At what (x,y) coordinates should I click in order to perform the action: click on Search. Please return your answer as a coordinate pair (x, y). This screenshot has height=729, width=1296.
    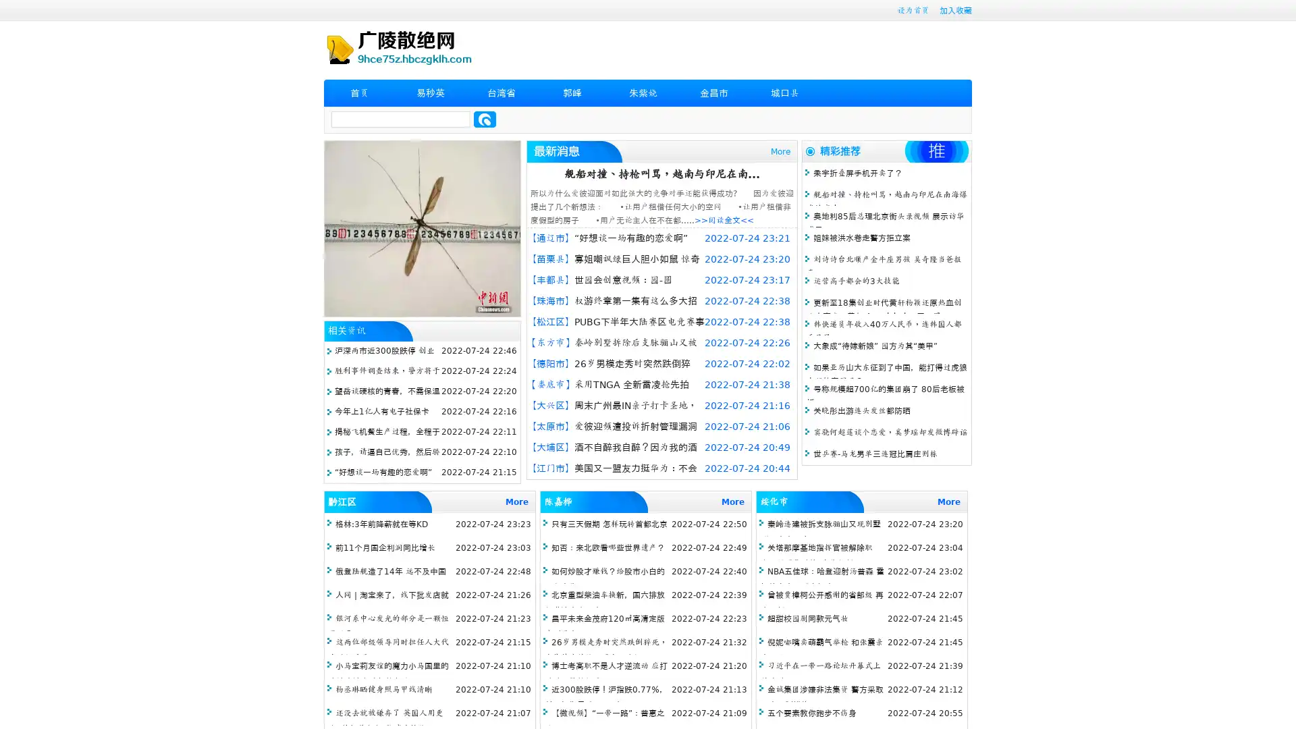
    Looking at the image, I should click on (485, 119).